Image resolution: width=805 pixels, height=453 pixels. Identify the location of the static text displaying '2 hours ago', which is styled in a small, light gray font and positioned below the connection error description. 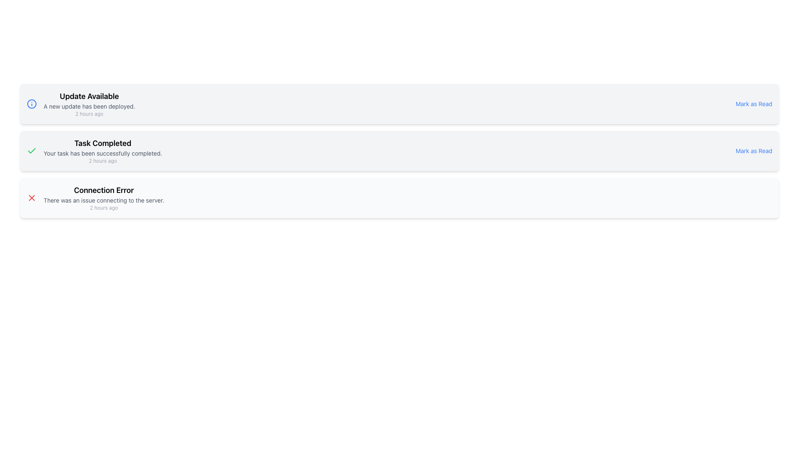
(103, 208).